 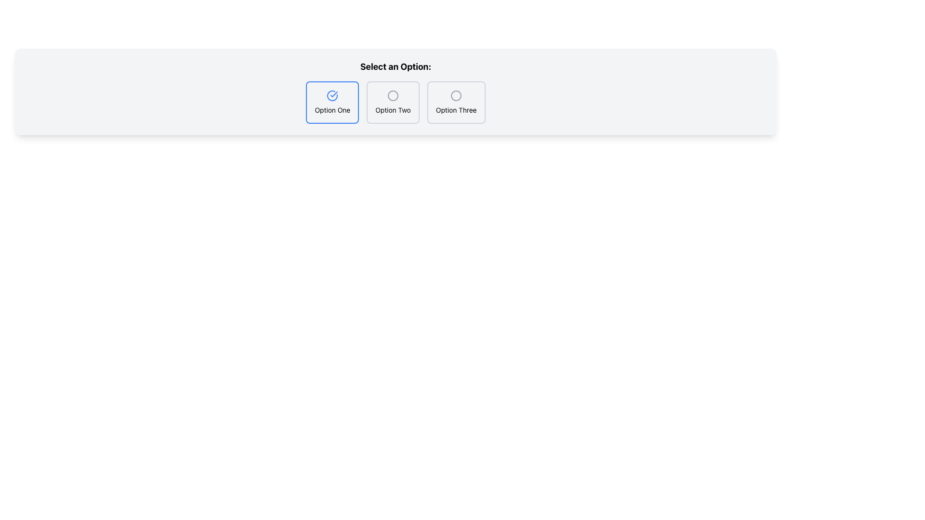 What do you see at coordinates (334, 94) in the screenshot?
I see `the selection indicator of the first radio button option labeled 'Option One', which visually indicates a selection with a checkmark inside a circle` at bounding box center [334, 94].